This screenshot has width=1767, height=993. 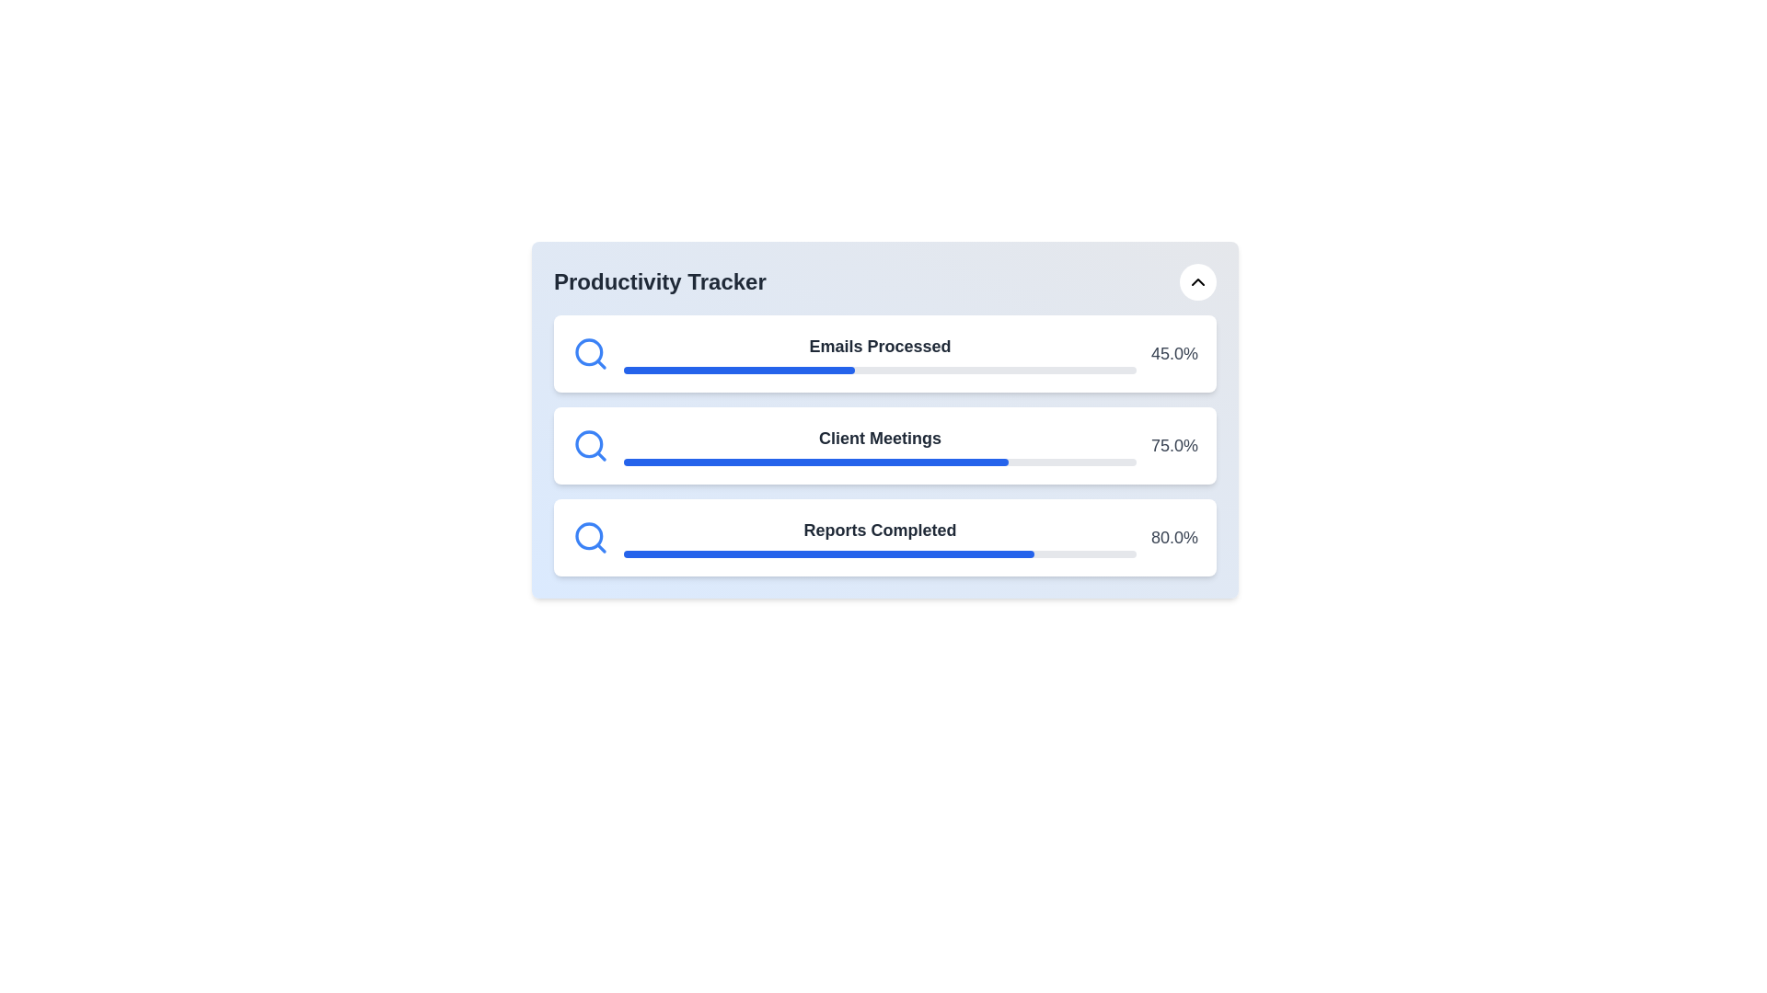 I want to click on the 'Reports Completed' label in the Productivity Tracker section, which is centrally aligned above the blue progress bar and to the right of the magnifying glass icon, so click(x=879, y=538).